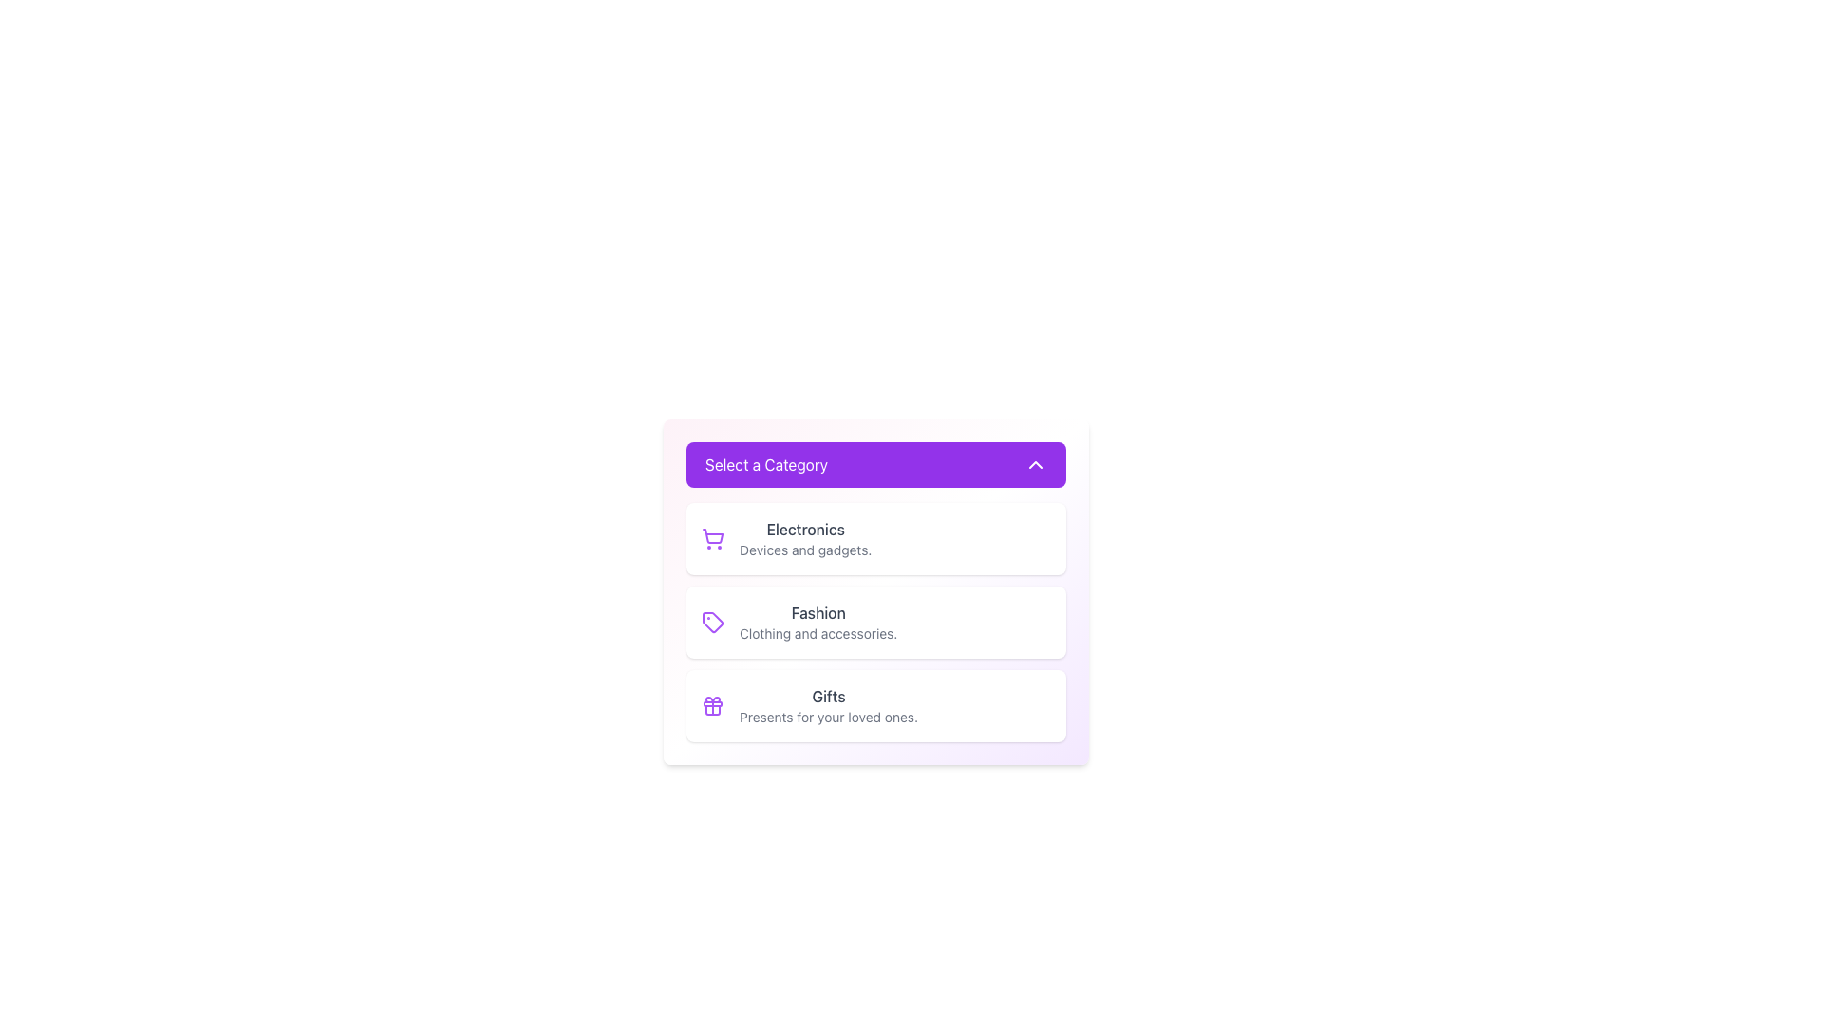 This screenshot has width=1823, height=1025. Describe the element at coordinates (805, 538) in the screenshot. I see `'Electronics' label and its subtitle 'Devices and gadgets.' for content, located within the category options list` at that location.